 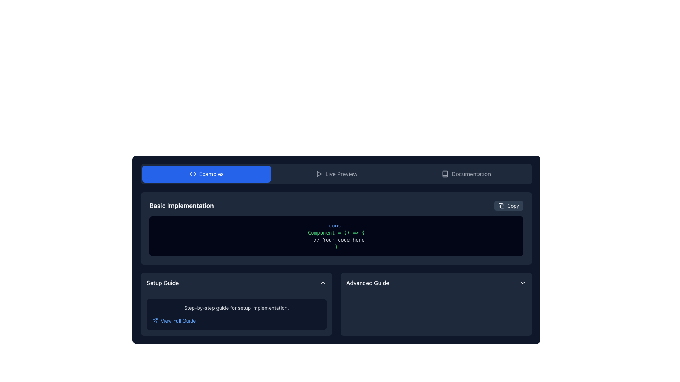 What do you see at coordinates (318, 174) in the screenshot?
I see `the triangular 'play' icon located in the central navigation bar, adjacent to the 'Live Preview' text` at bounding box center [318, 174].